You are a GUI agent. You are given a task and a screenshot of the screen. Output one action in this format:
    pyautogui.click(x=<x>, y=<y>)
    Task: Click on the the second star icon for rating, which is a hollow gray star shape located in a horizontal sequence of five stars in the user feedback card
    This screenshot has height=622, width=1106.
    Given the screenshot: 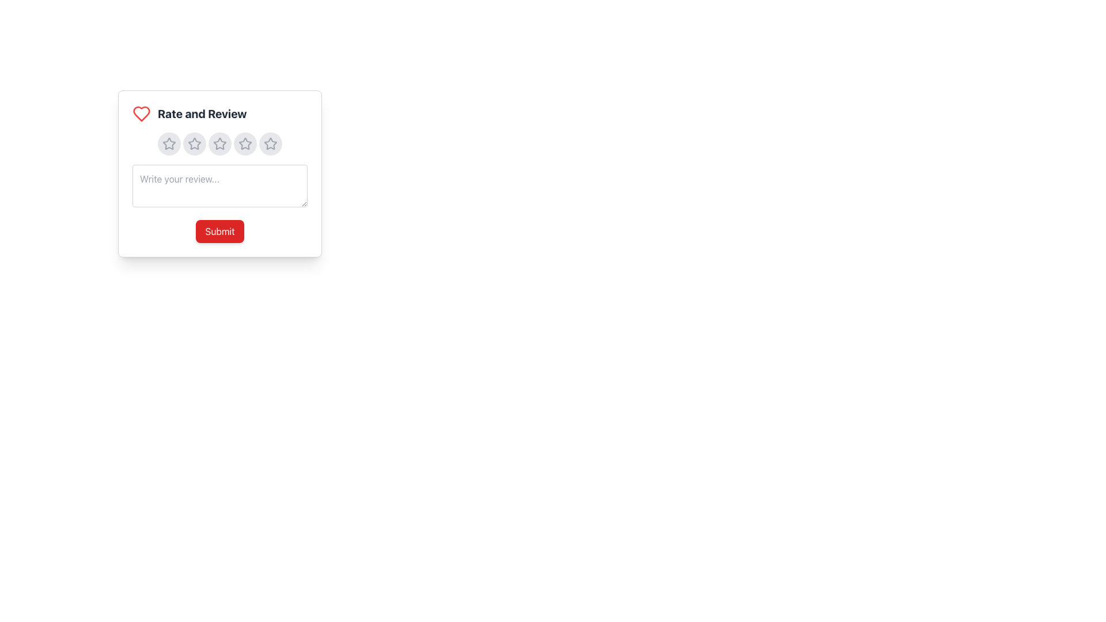 What is the action you would take?
    pyautogui.click(x=194, y=143)
    